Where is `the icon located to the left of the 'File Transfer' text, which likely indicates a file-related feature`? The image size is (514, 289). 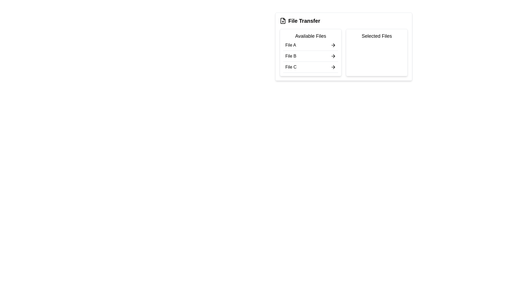
the icon located to the left of the 'File Transfer' text, which likely indicates a file-related feature is located at coordinates (282, 20).